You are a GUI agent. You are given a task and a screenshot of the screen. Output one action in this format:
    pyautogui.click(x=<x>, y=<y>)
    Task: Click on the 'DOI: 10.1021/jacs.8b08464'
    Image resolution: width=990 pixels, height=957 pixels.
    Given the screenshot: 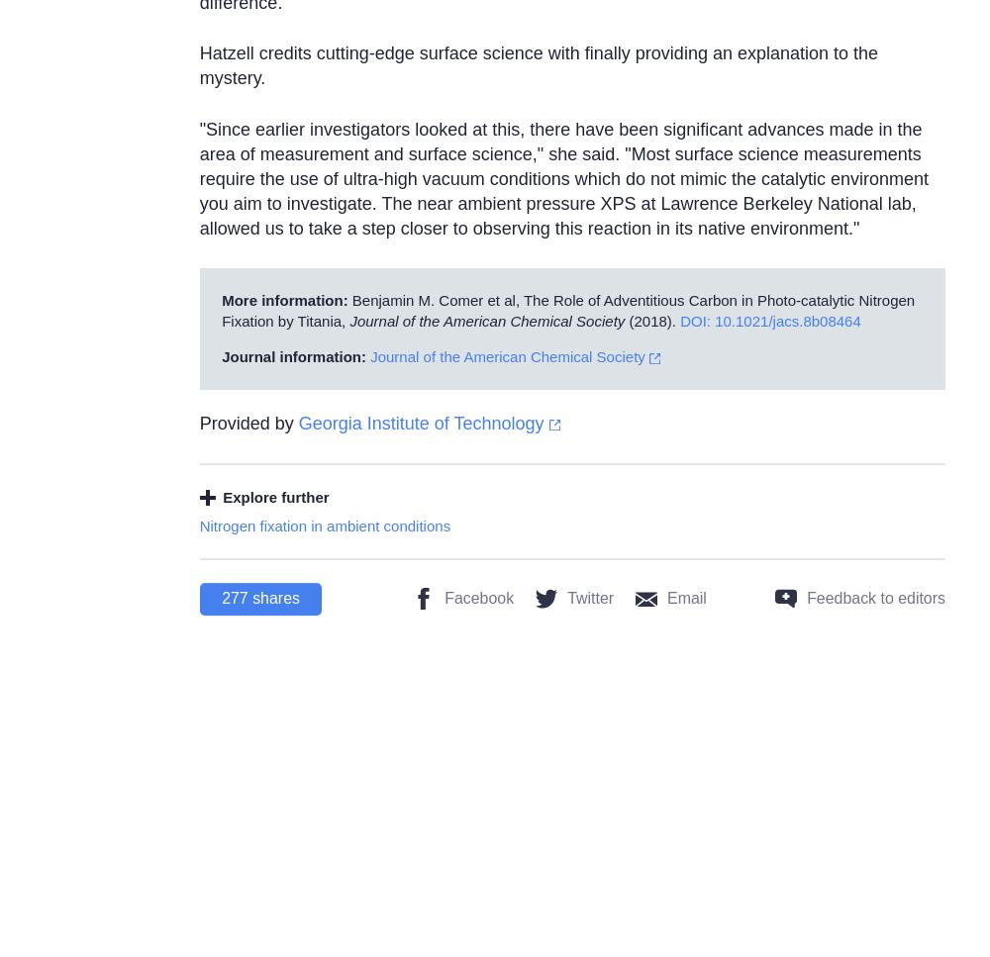 What is the action you would take?
    pyautogui.click(x=770, y=321)
    